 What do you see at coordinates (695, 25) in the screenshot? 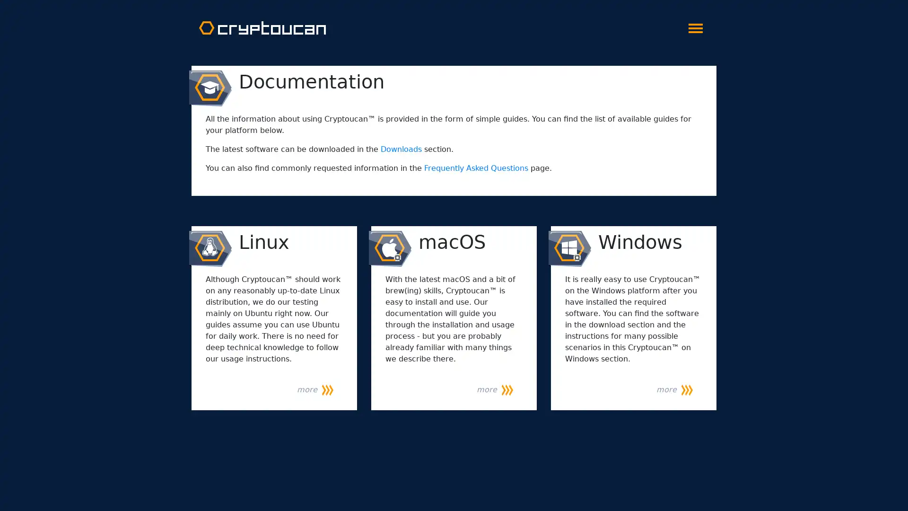
I see `Toggle navigation` at bounding box center [695, 25].